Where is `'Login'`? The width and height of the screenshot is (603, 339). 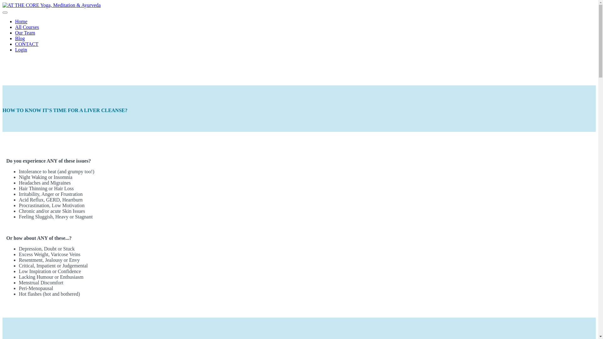 'Login' is located at coordinates (21, 49).